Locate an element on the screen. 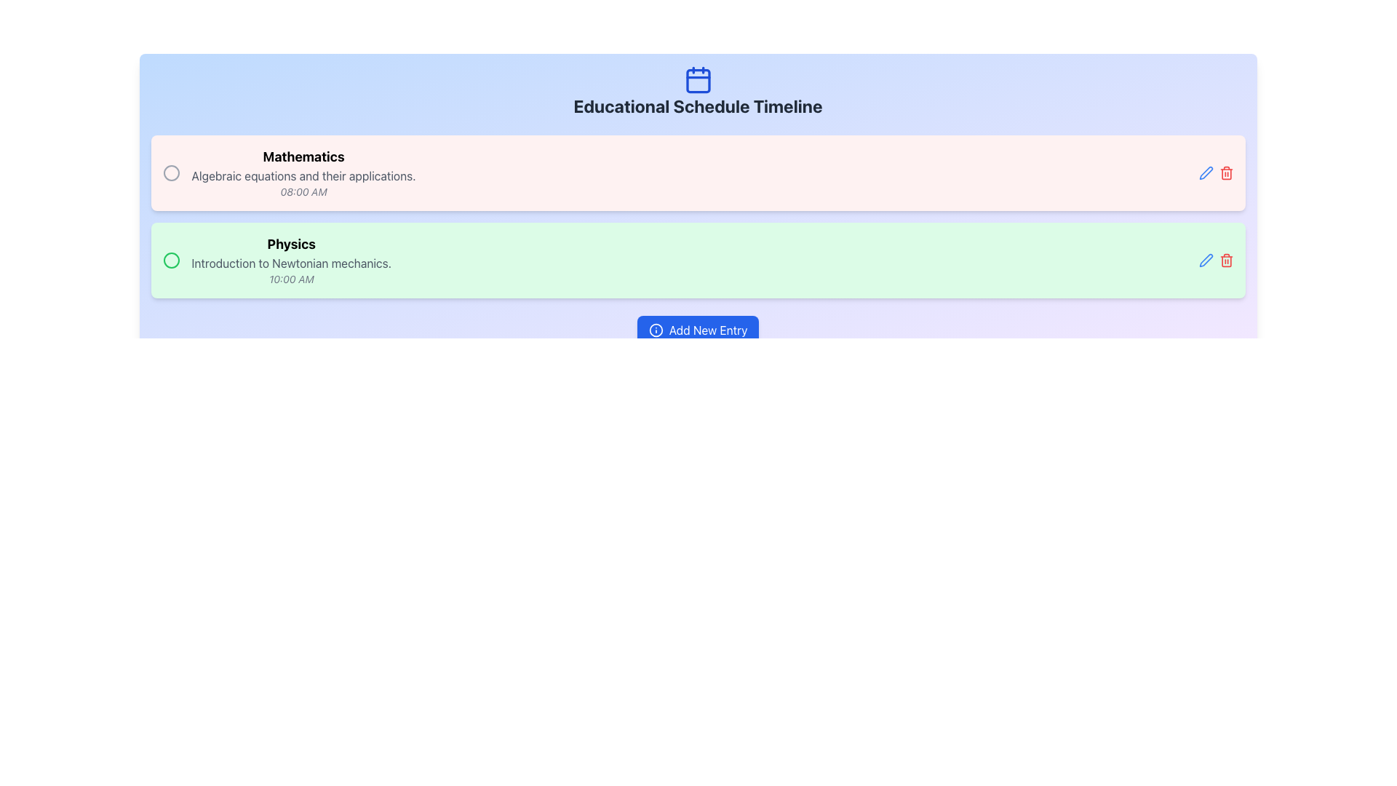 This screenshot has width=1397, height=786. the visual status conveyed by the circular green outlined indicator next to the 'Physics' entry, which aligns with the text 'Introduction to Newtonian mechanics.' is located at coordinates (171, 260).